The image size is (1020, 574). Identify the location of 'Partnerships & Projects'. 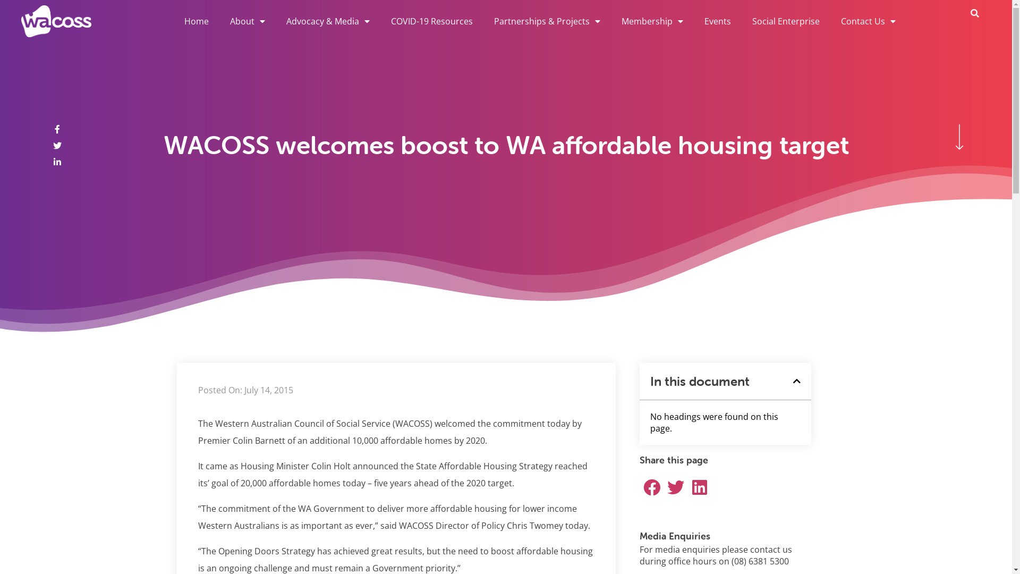
(547, 21).